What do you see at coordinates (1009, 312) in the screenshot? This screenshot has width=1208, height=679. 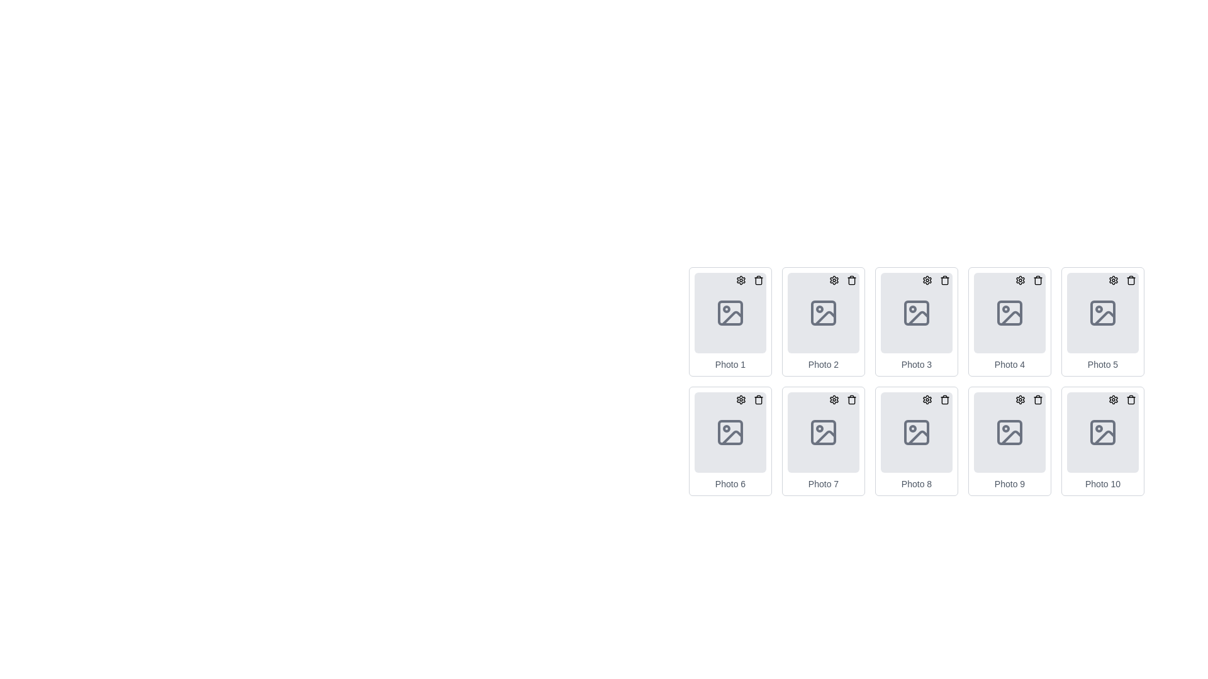 I see `the image placeholder, which is a rounded rectangle with a gray background located within the 'Photo 4' card` at bounding box center [1009, 312].